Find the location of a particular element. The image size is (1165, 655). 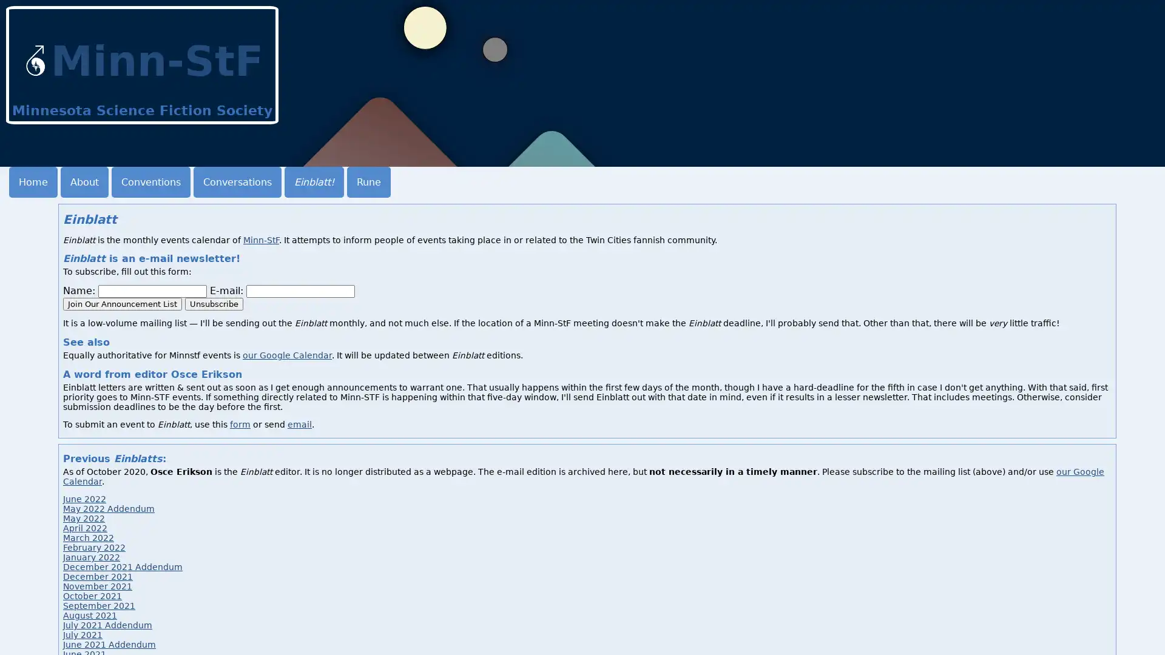

Conventions is located at coordinates (150, 182).